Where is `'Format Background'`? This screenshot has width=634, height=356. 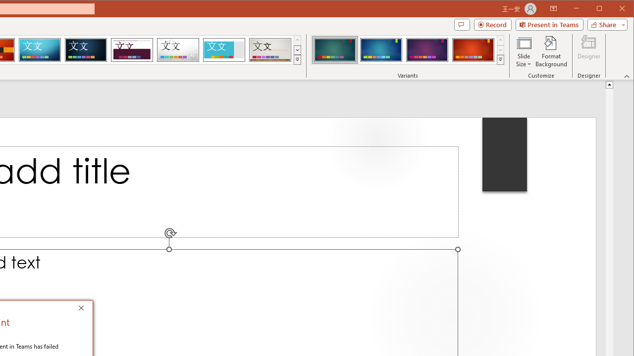
'Format Background' is located at coordinates (551, 51).